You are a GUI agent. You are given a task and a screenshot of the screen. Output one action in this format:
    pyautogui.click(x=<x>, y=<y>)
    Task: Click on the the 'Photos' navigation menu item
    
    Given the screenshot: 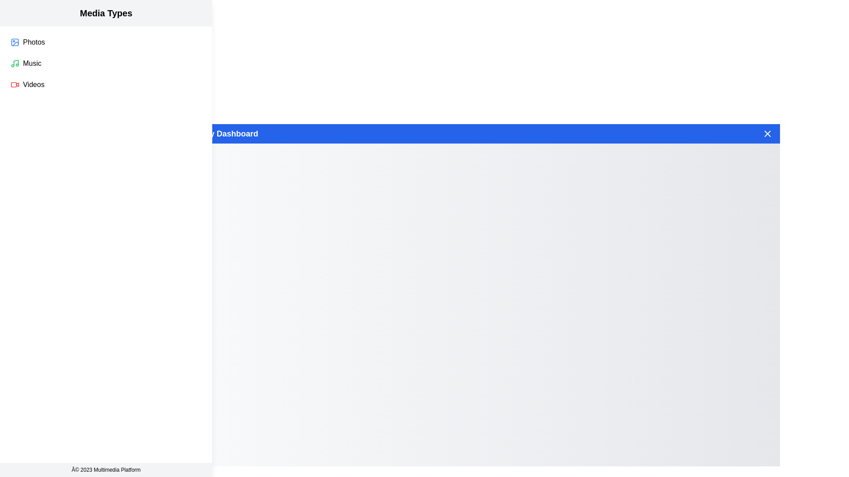 What is the action you would take?
    pyautogui.click(x=106, y=42)
    